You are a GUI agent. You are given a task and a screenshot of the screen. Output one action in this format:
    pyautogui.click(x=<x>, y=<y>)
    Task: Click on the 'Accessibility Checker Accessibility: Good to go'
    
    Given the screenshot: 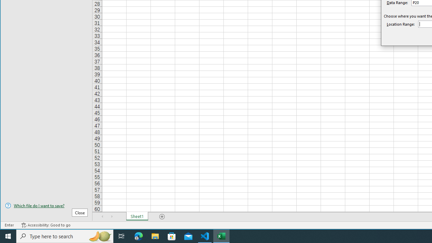 What is the action you would take?
    pyautogui.click(x=46, y=225)
    